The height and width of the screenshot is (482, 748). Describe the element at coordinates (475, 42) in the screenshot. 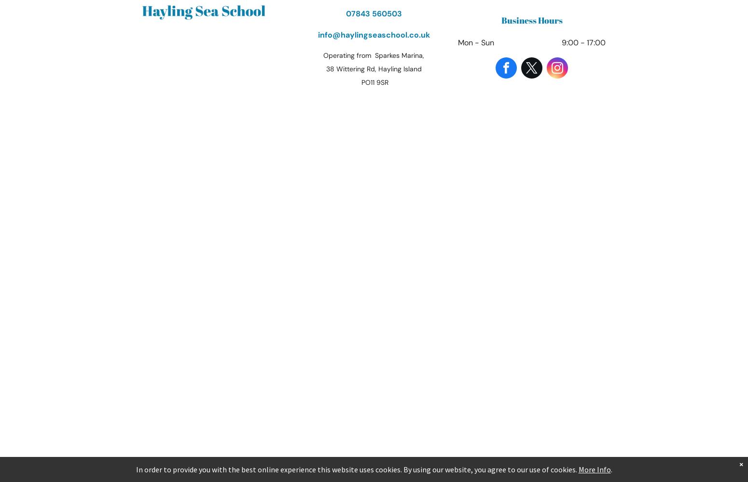

I see `'Mon - Sun'` at that location.